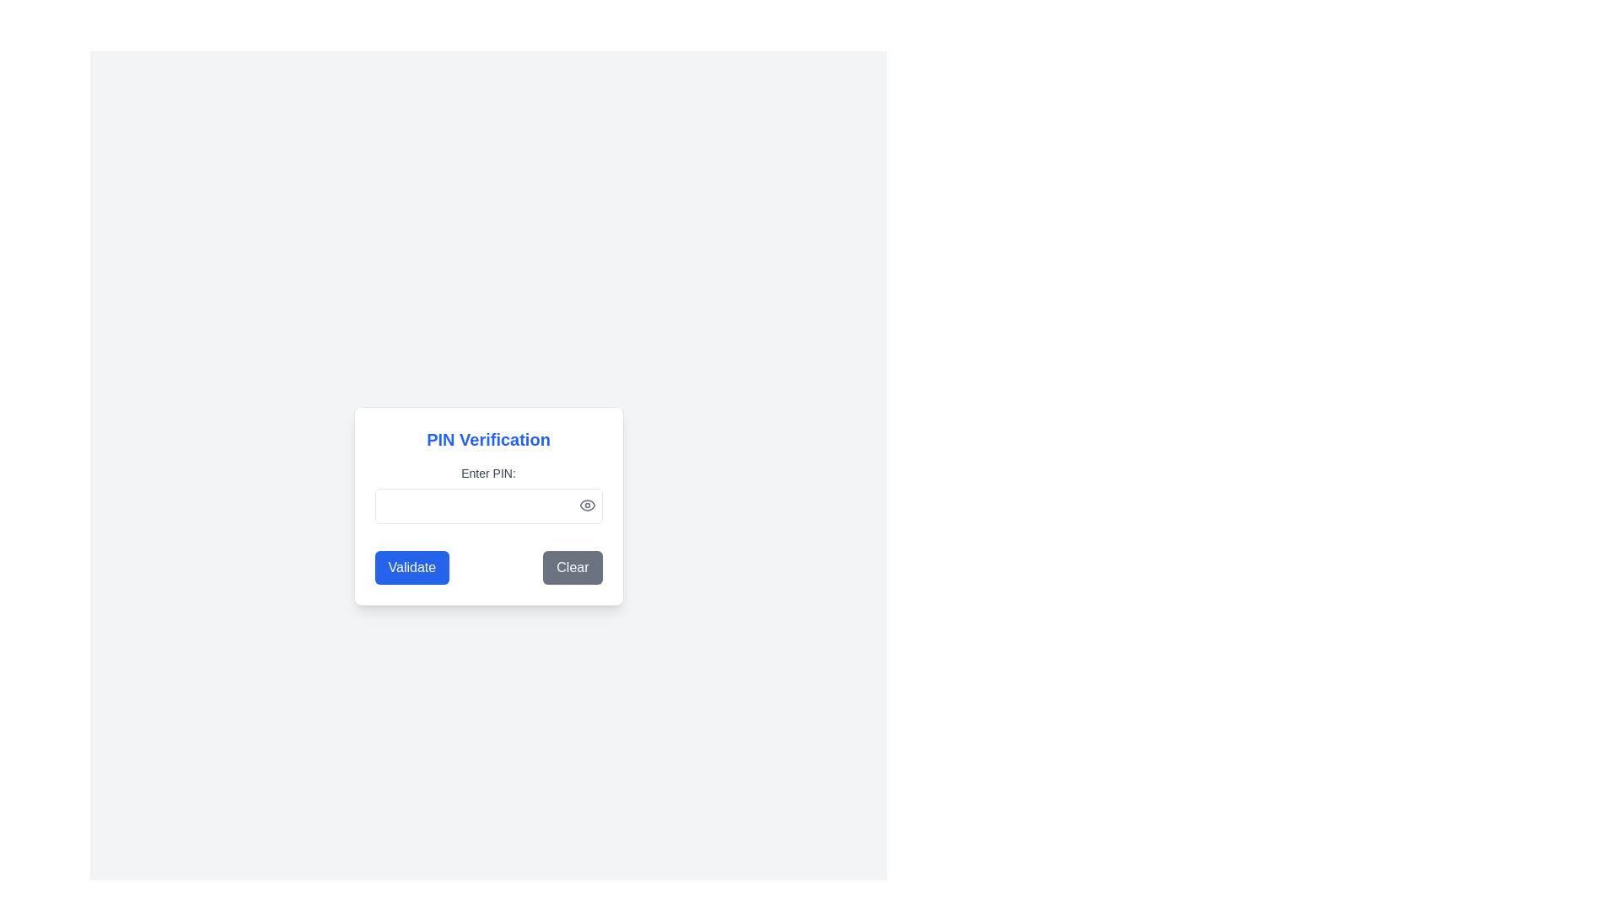 The height and width of the screenshot is (910, 1619). I want to click on the submit button located in the bottom-left corner of the white card interface, so click(411, 568).